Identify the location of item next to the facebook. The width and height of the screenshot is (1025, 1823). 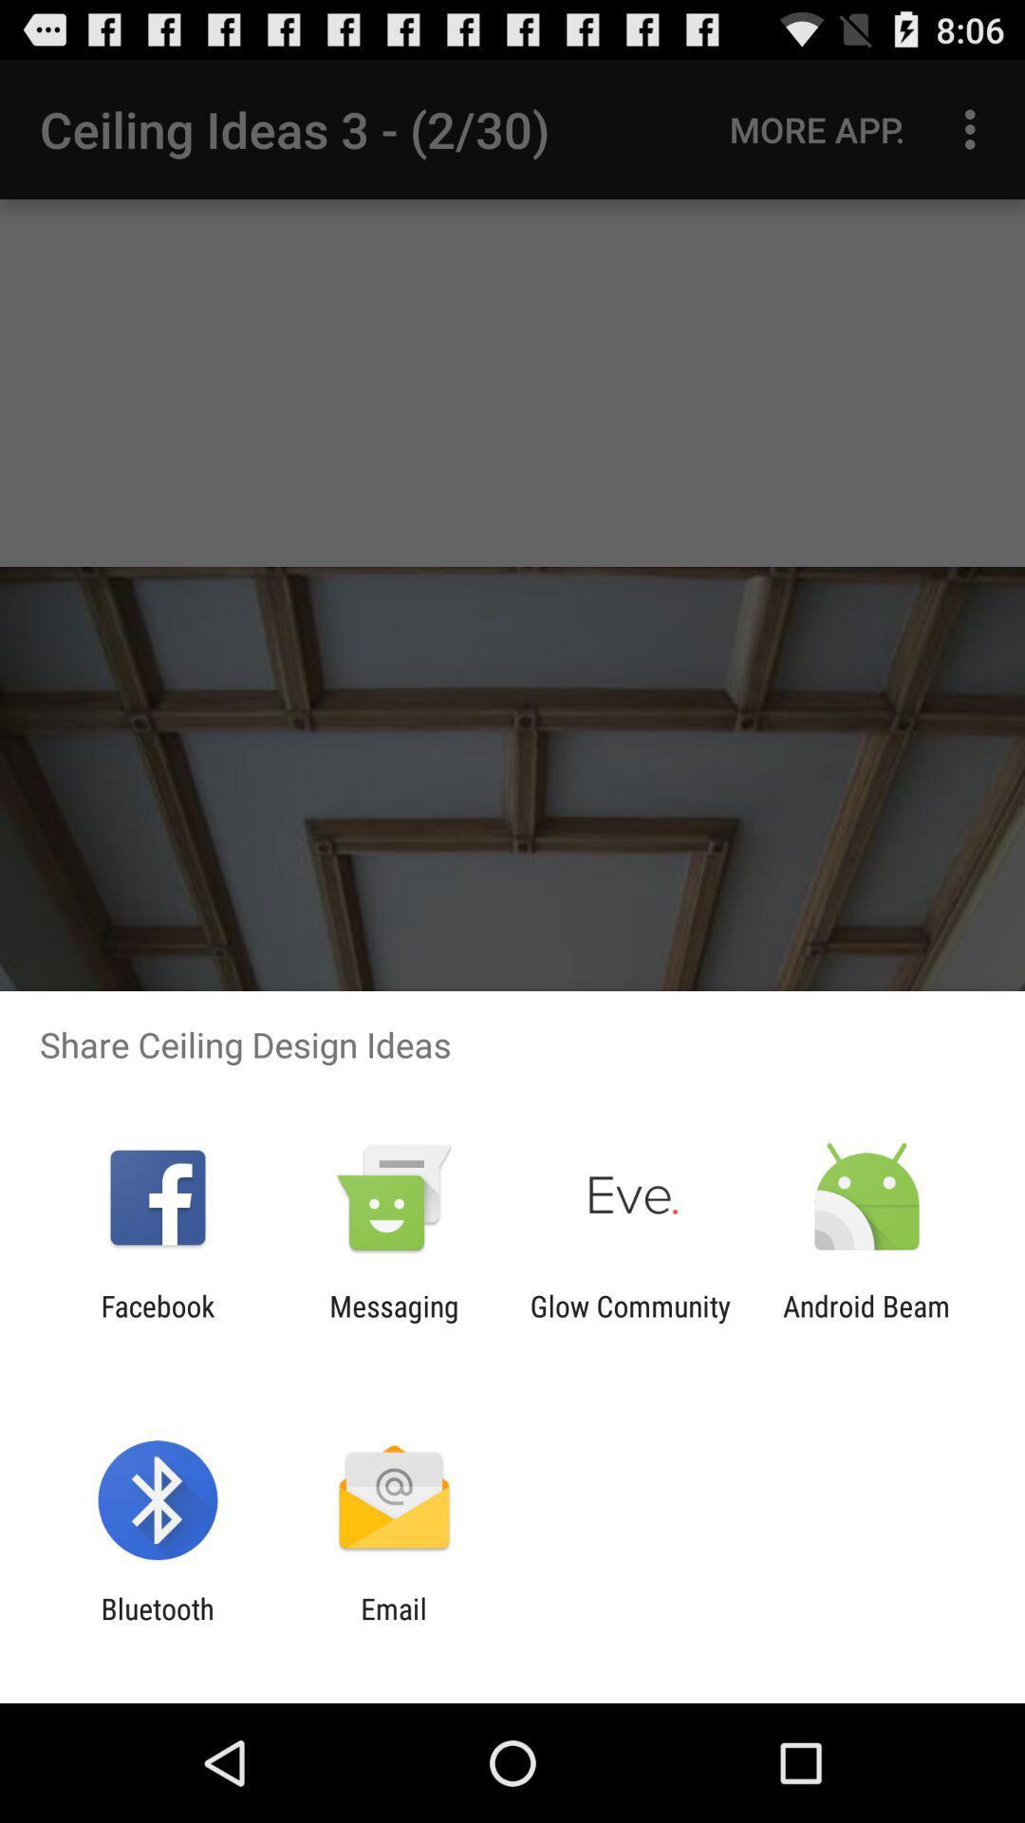
(393, 1322).